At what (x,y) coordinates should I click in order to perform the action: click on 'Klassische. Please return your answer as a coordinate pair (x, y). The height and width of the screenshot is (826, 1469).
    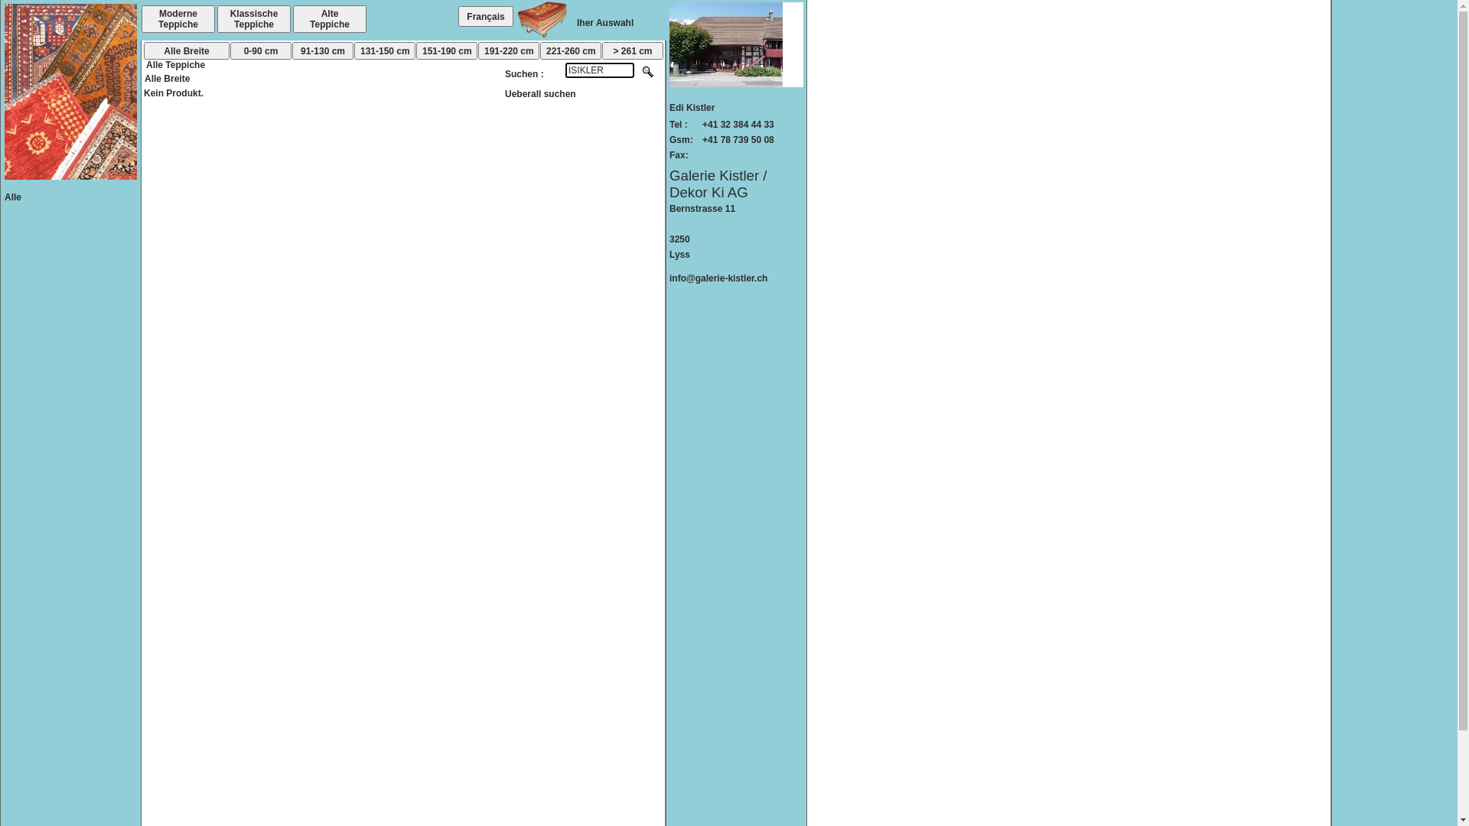
    Looking at the image, I should click on (216, 18).